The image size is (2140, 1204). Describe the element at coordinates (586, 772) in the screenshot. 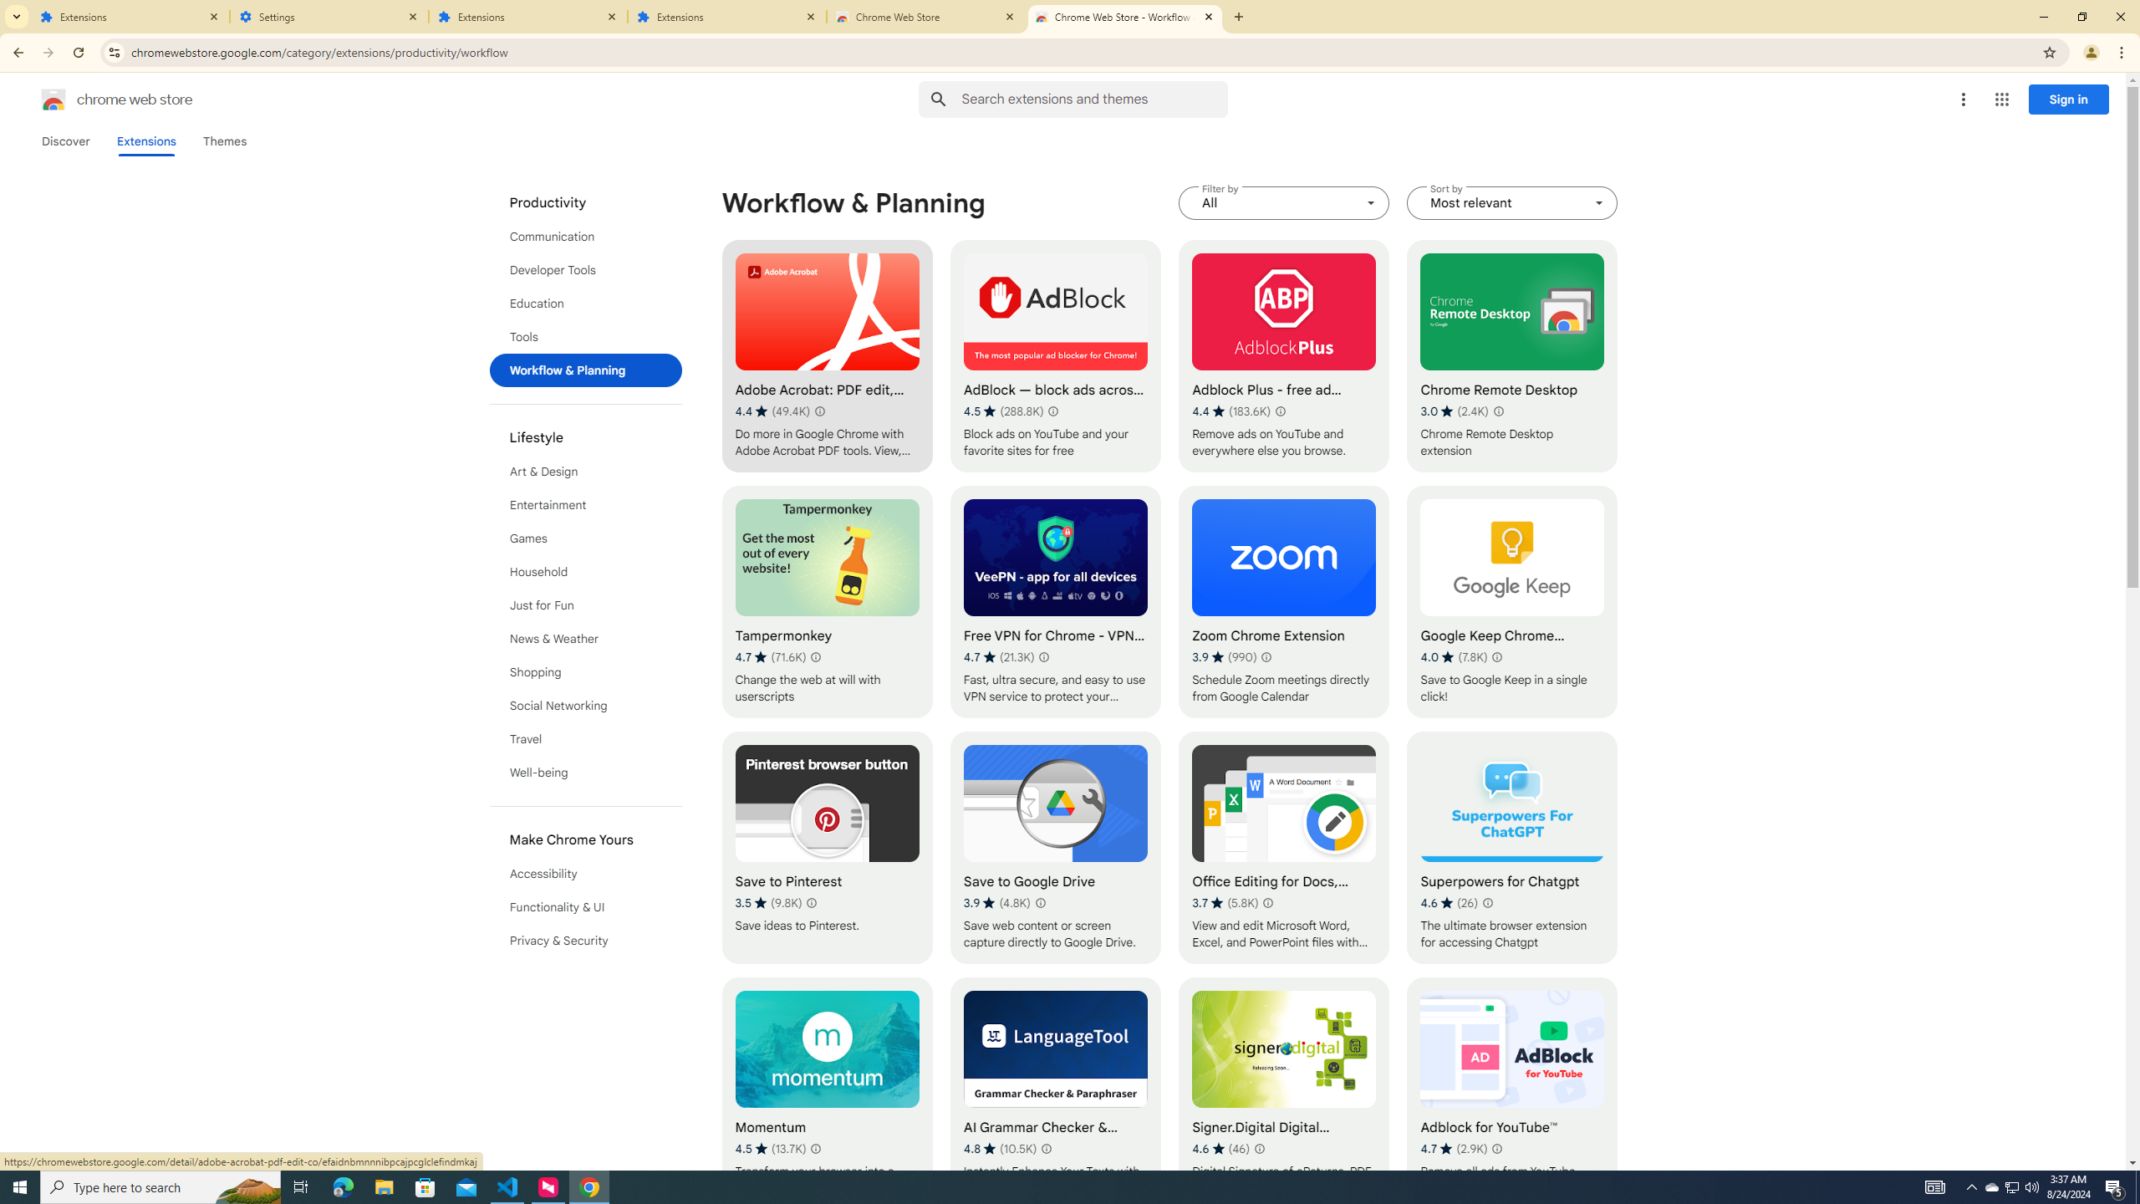

I see `'Well-being'` at that location.